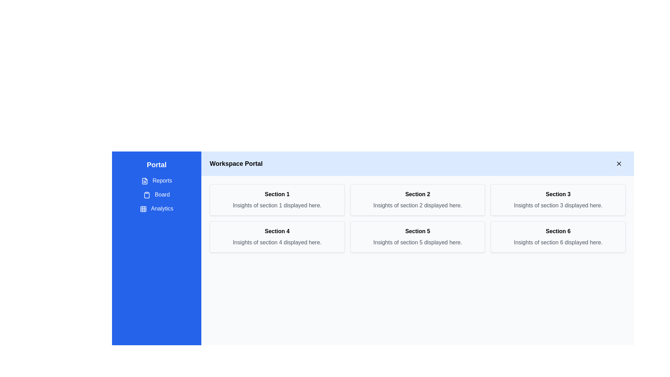 Image resolution: width=670 pixels, height=377 pixels. Describe the element at coordinates (147, 195) in the screenshot. I see `the navigation icon for the 'Board' section located in the left sidebar` at that location.